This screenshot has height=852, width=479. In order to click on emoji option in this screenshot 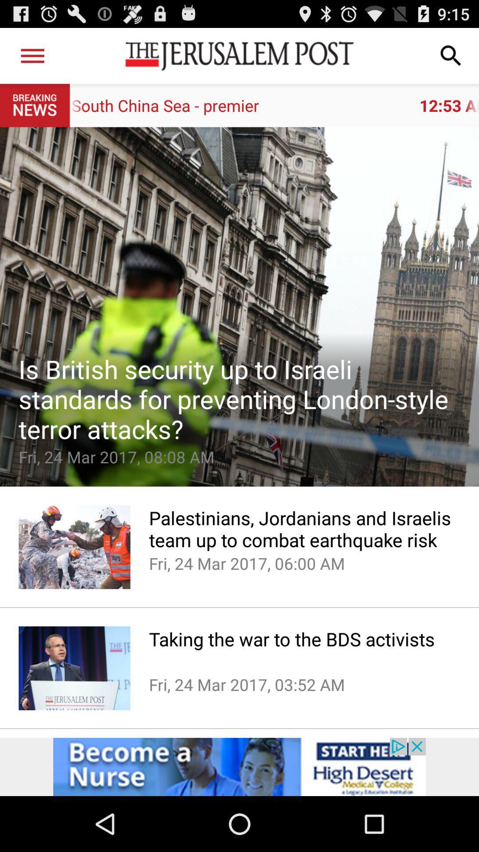, I will do `click(239, 307)`.